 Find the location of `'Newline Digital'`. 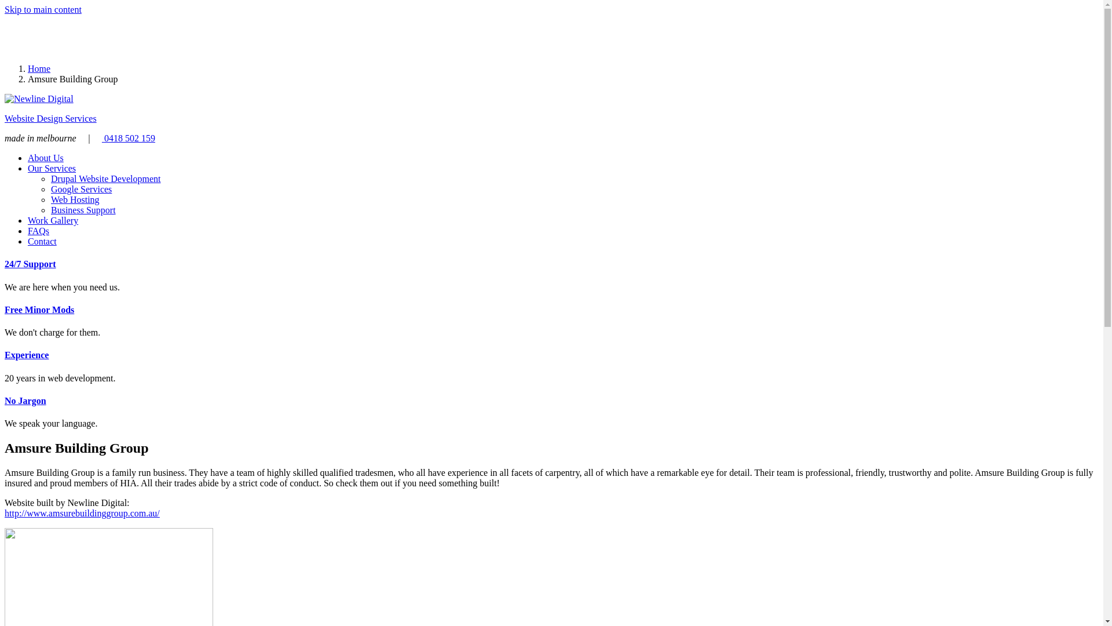

'Newline Digital' is located at coordinates (39, 98).